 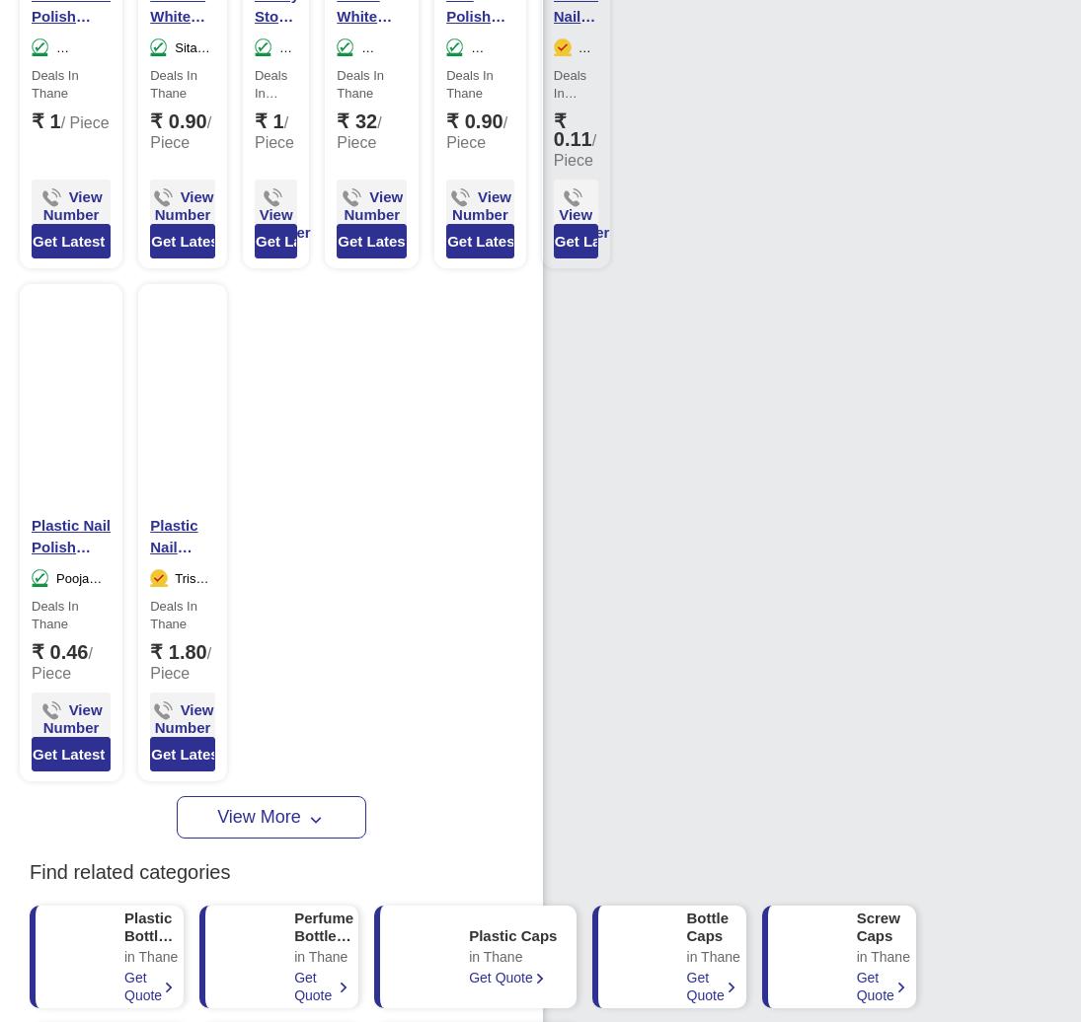 What do you see at coordinates (30, 651) in the screenshot?
I see `'₹ 0.46'` at bounding box center [30, 651].